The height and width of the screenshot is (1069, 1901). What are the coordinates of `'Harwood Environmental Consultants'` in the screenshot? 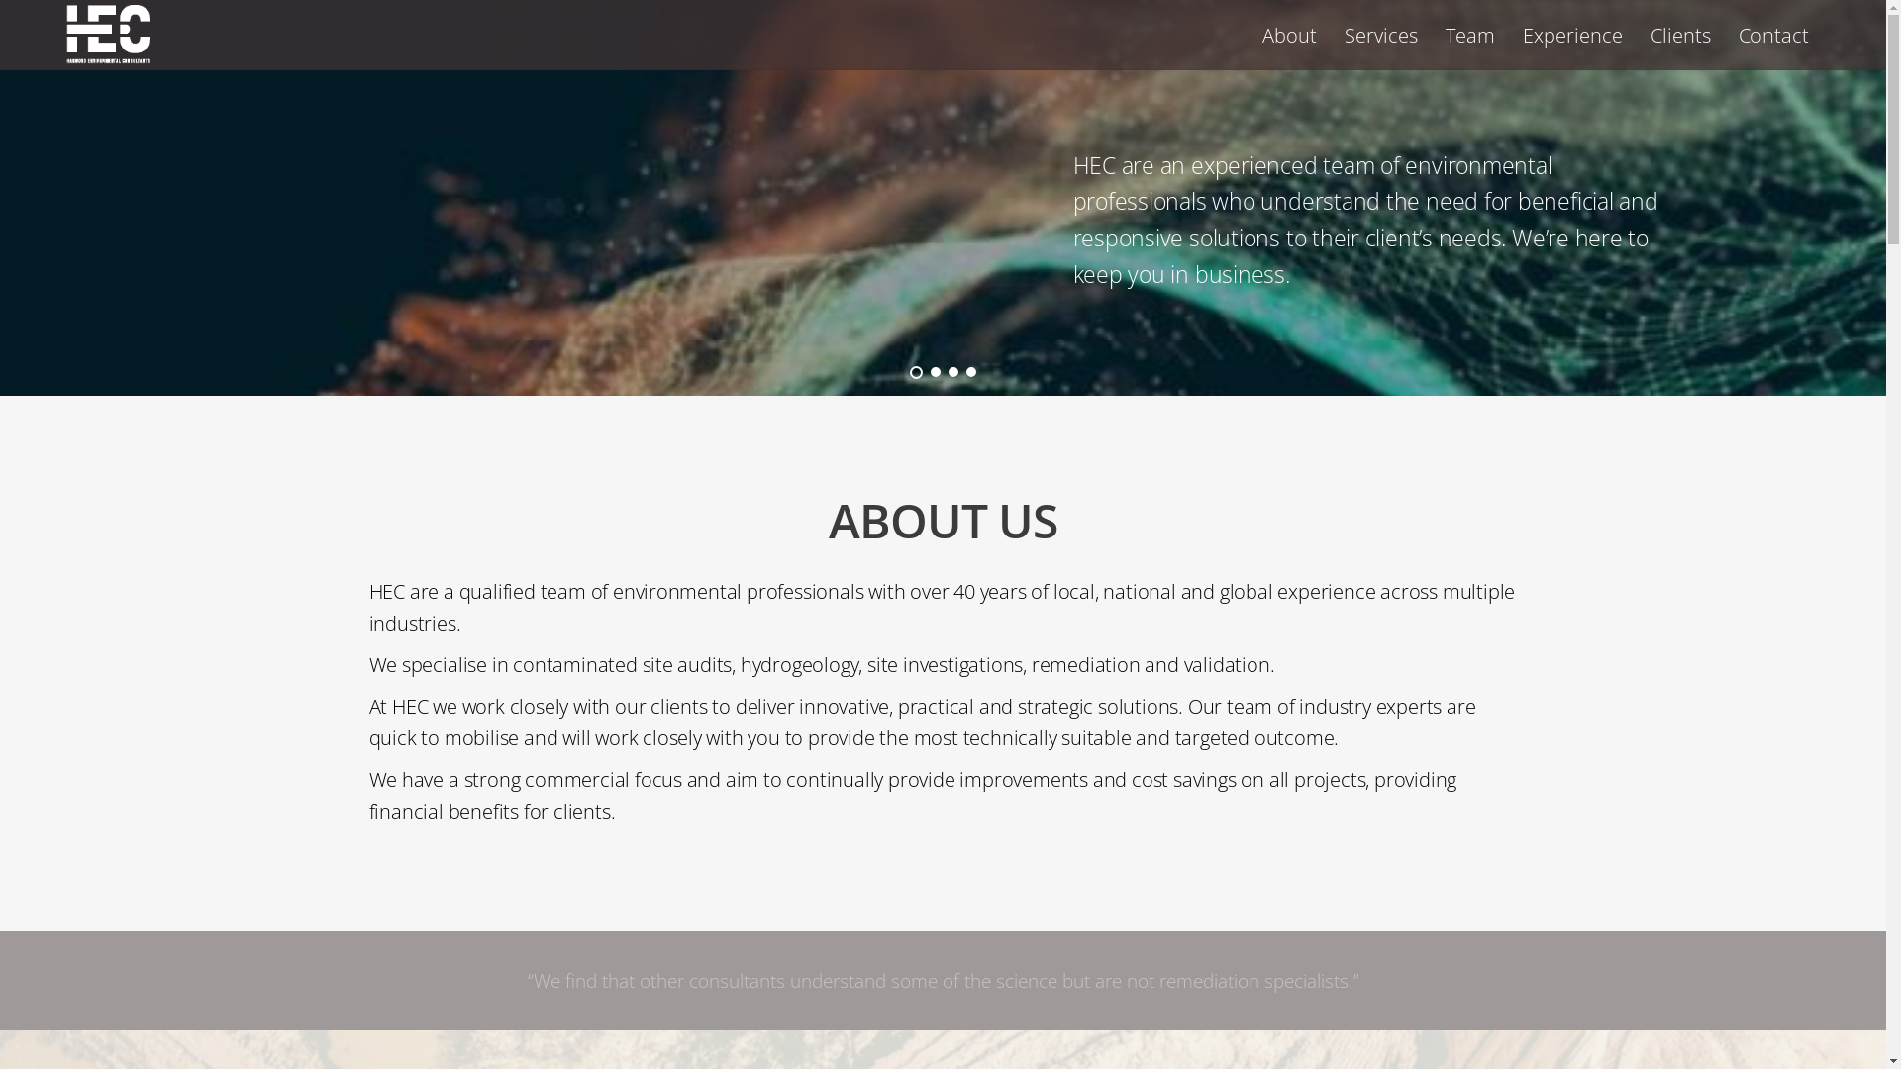 It's located at (107, 51).